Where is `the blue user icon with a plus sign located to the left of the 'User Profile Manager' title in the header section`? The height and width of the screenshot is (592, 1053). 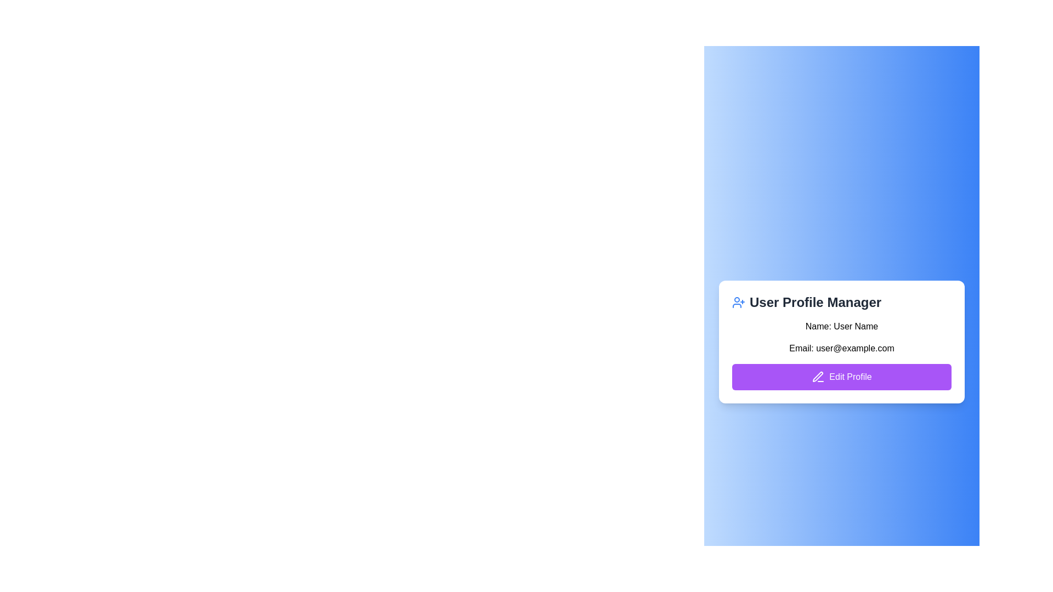 the blue user icon with a plus sign located to the left of the 'User Profile Manager' title in the header section is located at coordinates (739, 302).